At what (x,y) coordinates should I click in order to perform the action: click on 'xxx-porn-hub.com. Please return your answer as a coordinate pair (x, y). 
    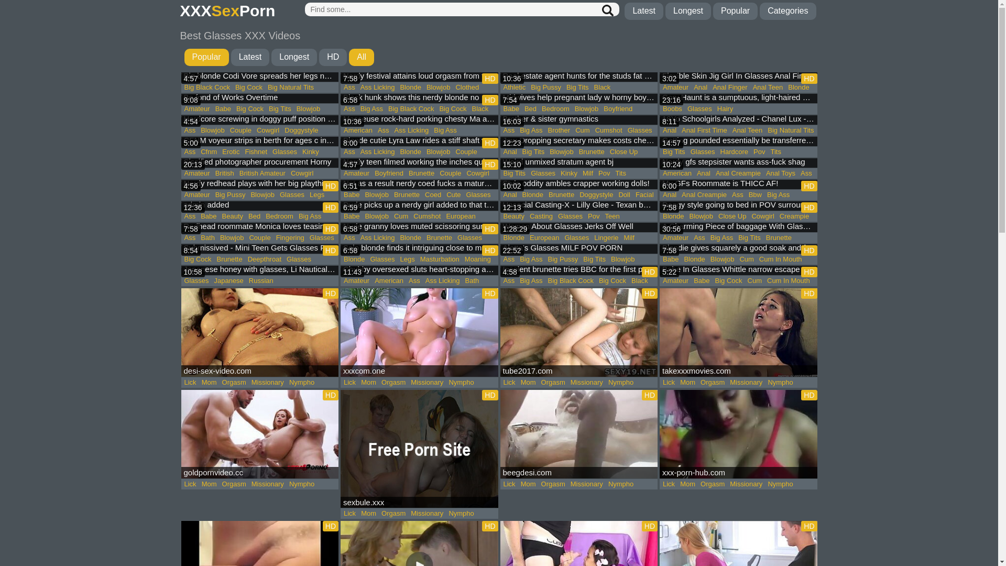
    Looking at the image, I should click on (738, 434).